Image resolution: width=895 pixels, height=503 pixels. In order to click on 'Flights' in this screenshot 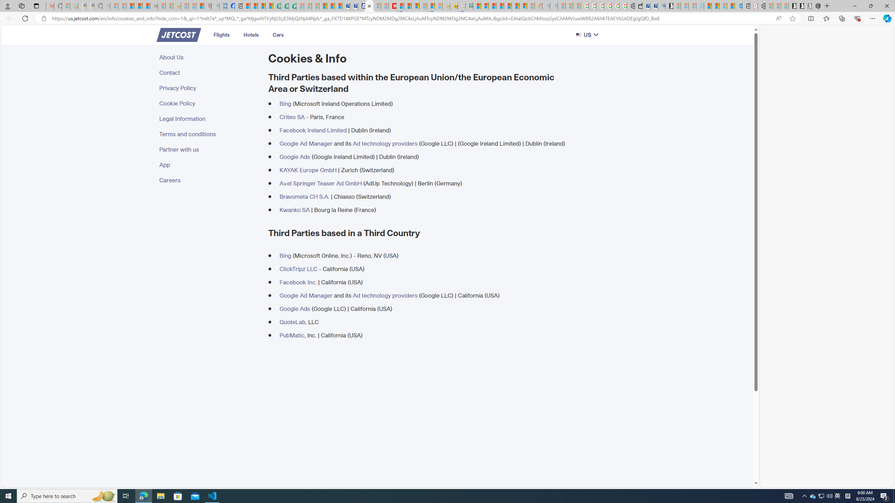, I will do `click(221, 35)`.